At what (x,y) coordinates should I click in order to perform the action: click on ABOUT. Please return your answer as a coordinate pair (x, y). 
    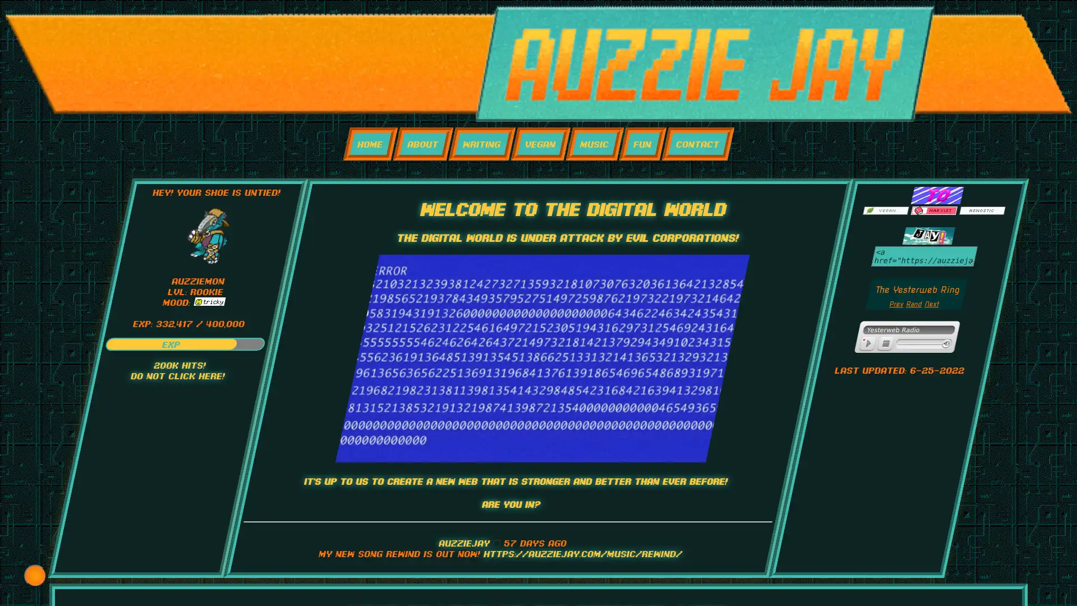
    Looking at the image, I should click on (422, 143).